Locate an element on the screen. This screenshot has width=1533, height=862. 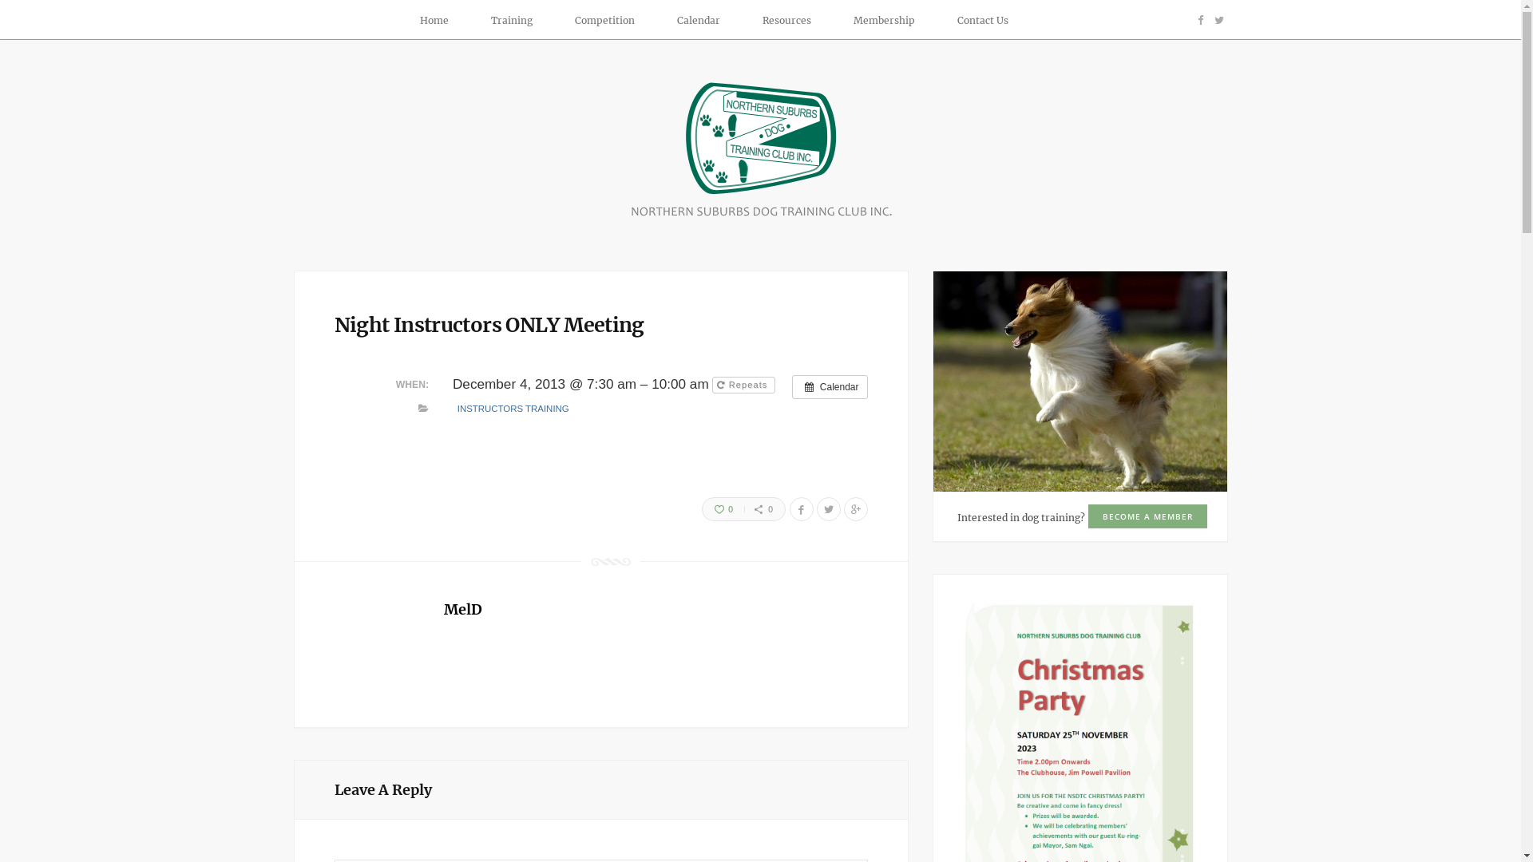
'Repeats' is located at coordinates (743, 385).